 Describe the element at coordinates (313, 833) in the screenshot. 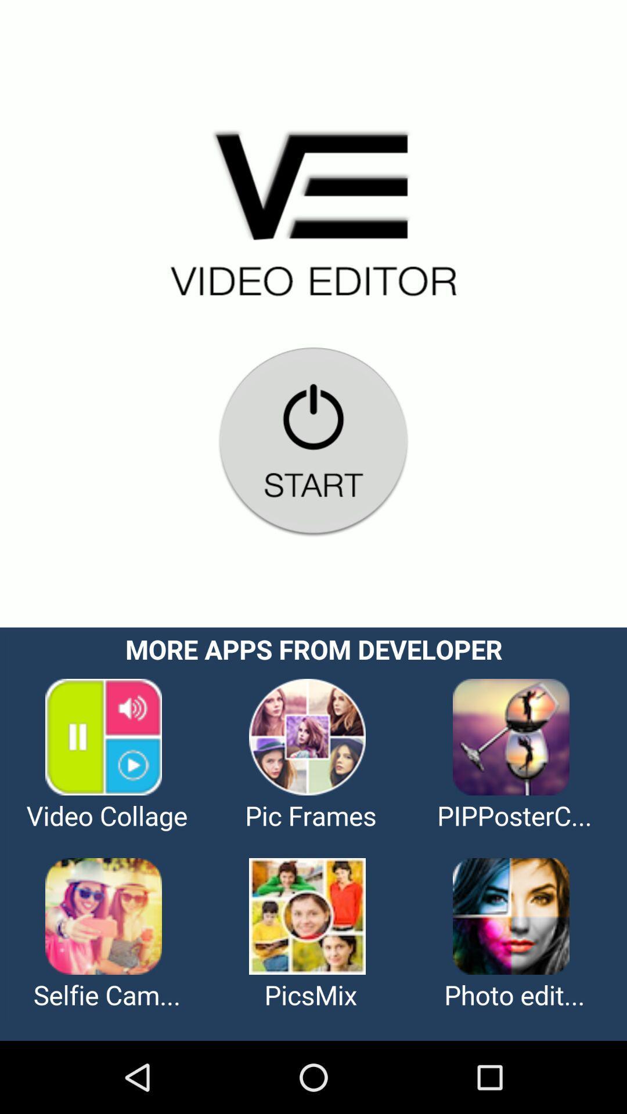

I see `other apps` at that location.